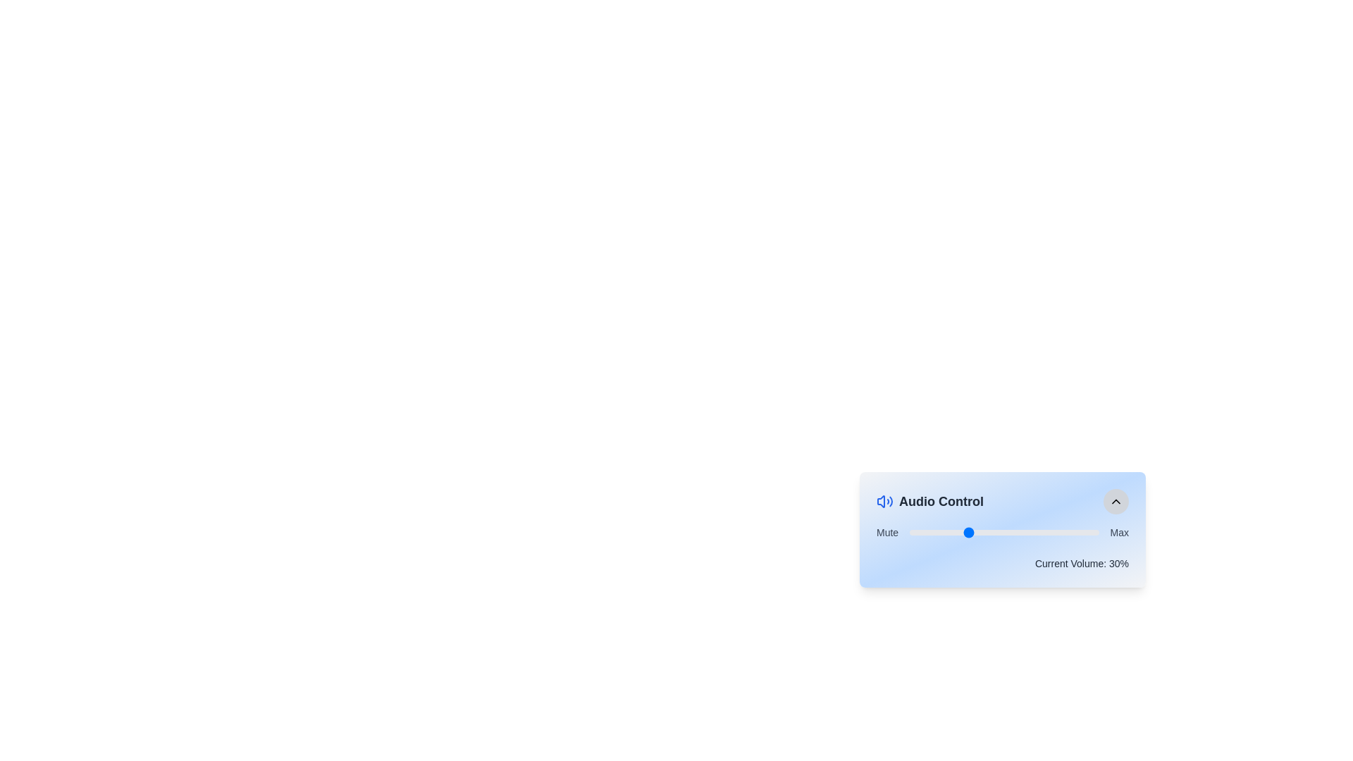 This screenshot has width=1353, height=761. I want to click on the audio control icon located to the left of the 'Audio Control' header, which signifies the volume management functionality, so click(884, 501).